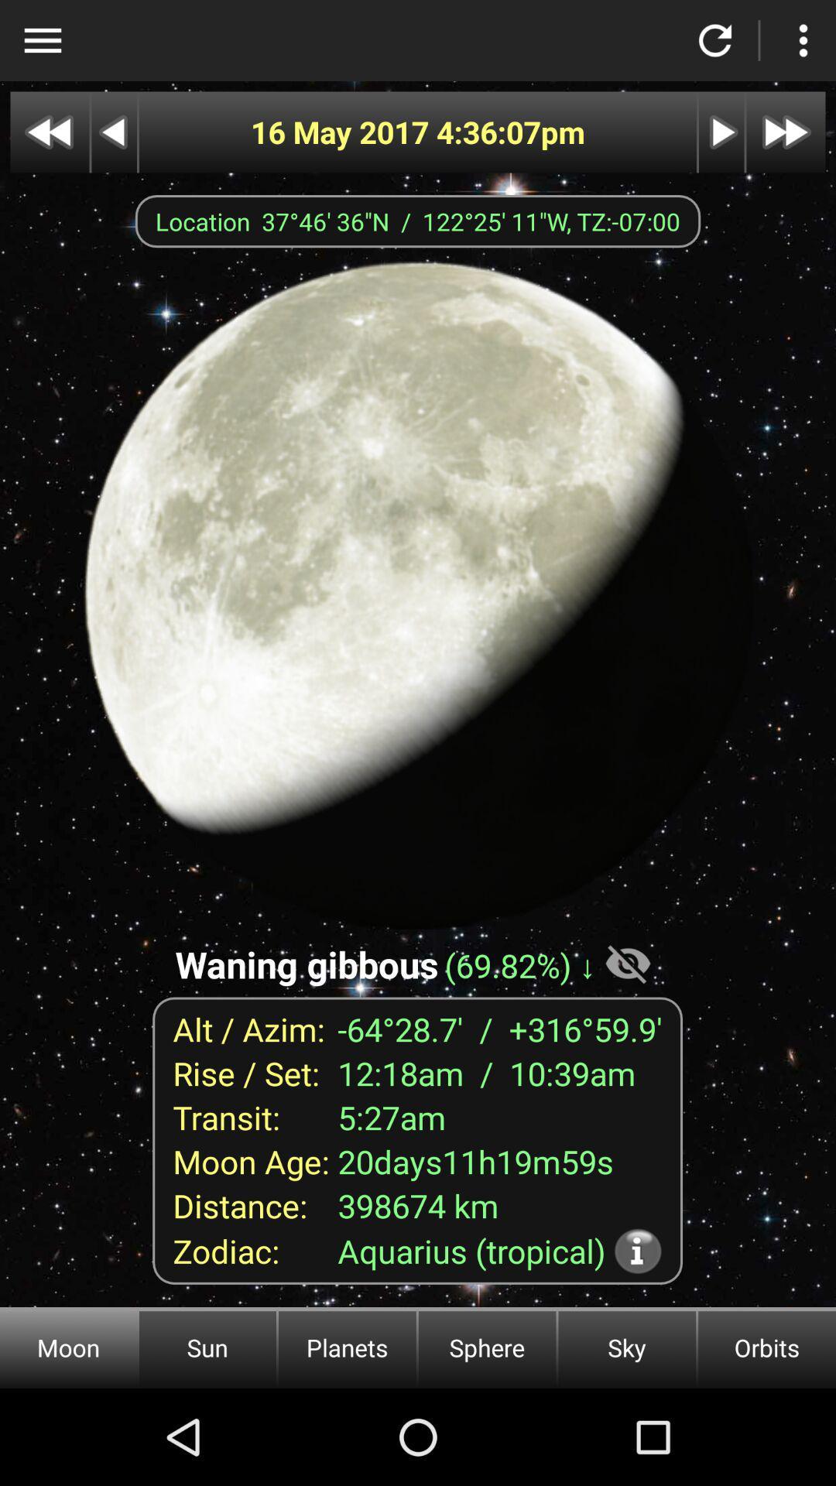 Image resolution: width=836 pixels, height=1486 pixels. I want to click on next, so click(721, 132).